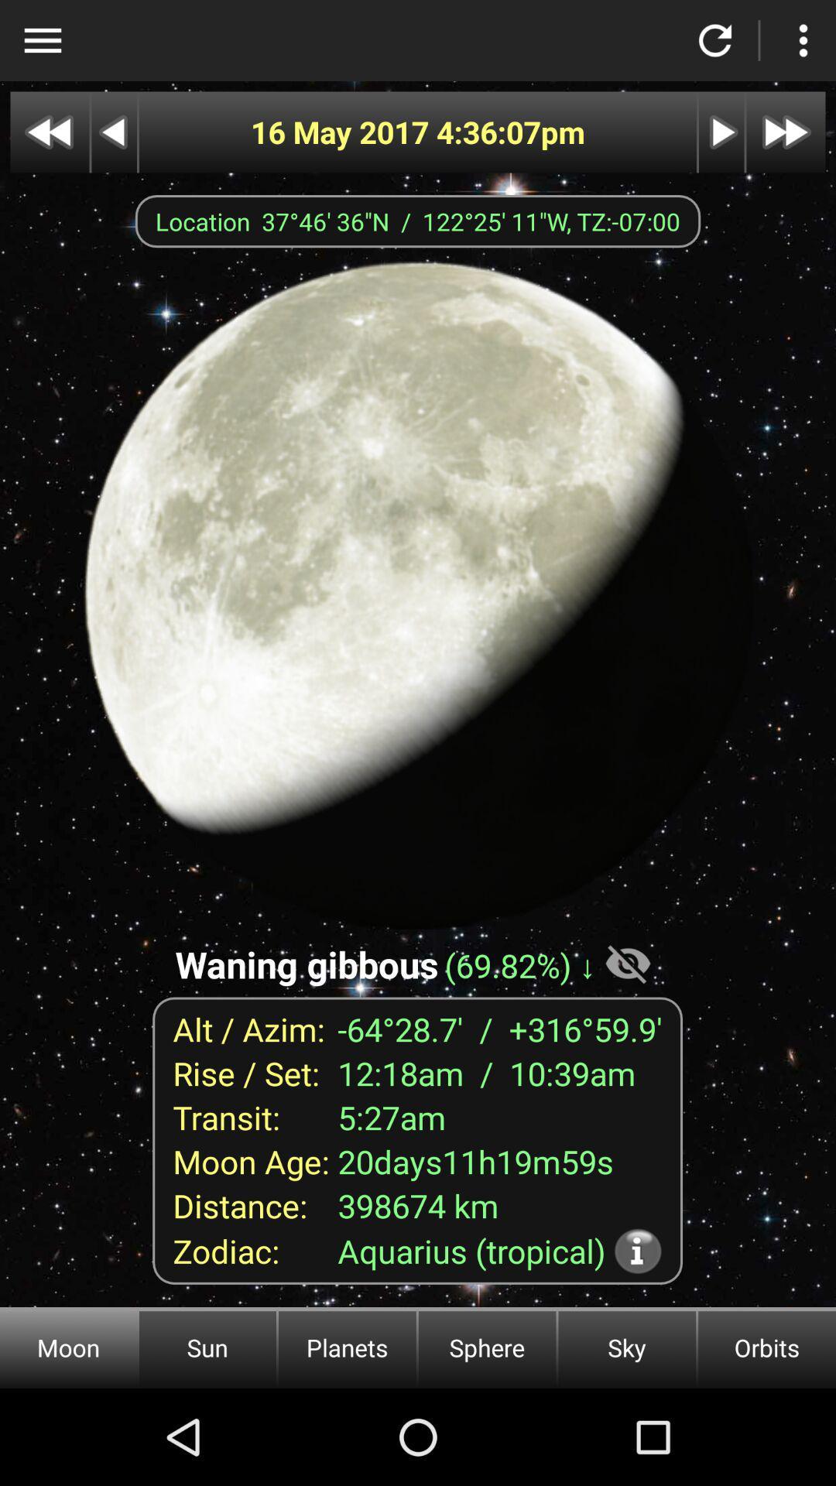 Image resolution: width=836 pixels, height=1486 pixels. I want to click on next, so click(721, 132).